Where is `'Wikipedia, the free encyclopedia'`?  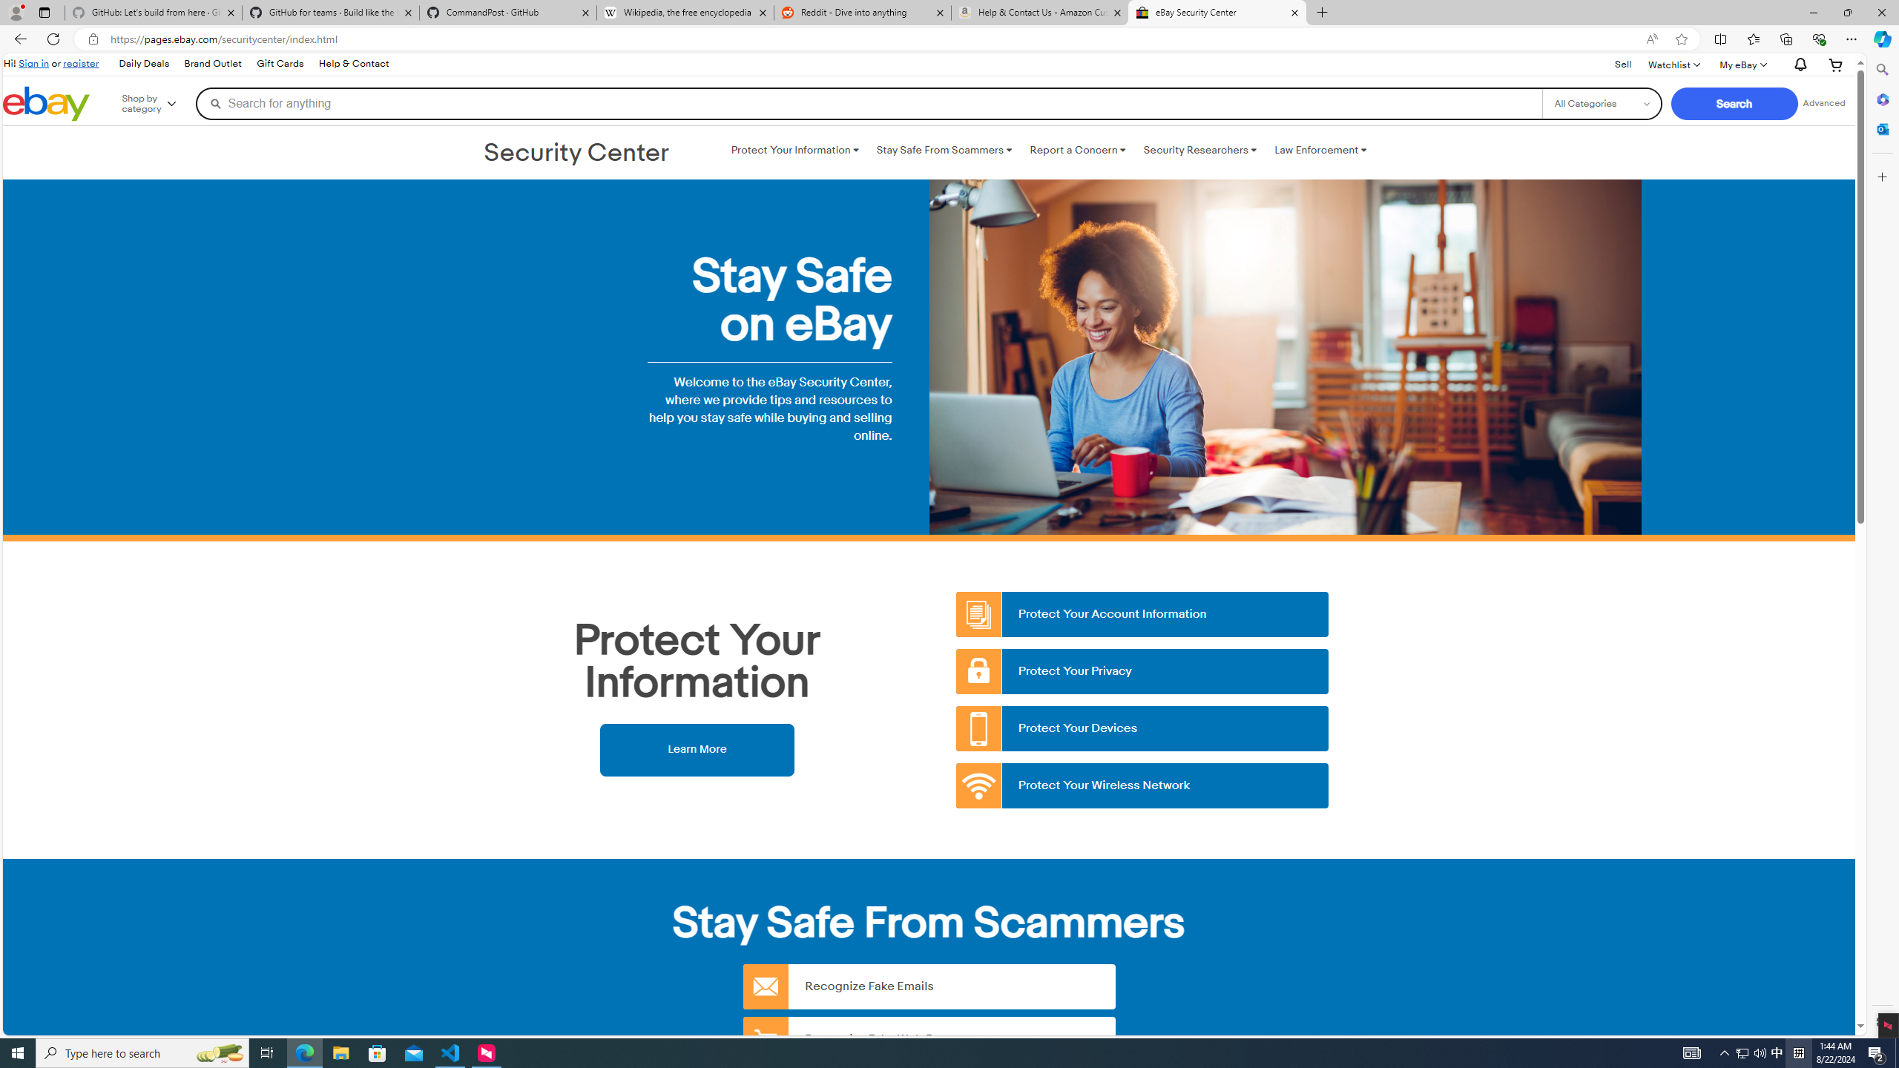
'Wikipedia, the free encyclopedia' is located at coordinates (685, 12).